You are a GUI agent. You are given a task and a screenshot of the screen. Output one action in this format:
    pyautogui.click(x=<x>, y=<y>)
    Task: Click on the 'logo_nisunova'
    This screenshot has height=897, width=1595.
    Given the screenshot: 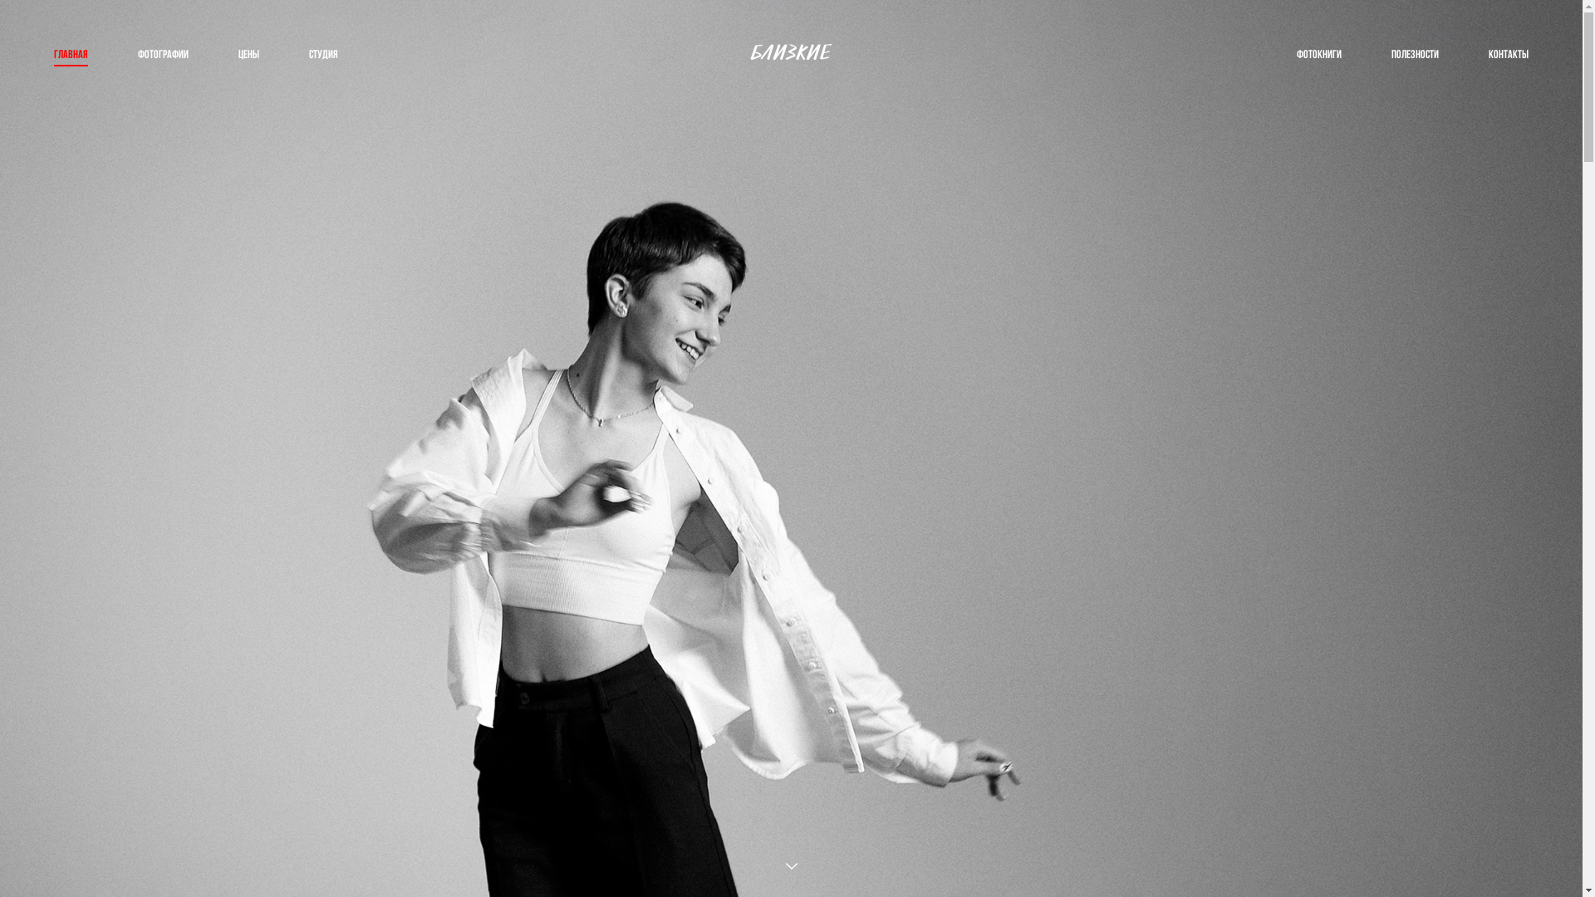 What is the action you would take?
    pyautogui.click(x=718, y=53)
    